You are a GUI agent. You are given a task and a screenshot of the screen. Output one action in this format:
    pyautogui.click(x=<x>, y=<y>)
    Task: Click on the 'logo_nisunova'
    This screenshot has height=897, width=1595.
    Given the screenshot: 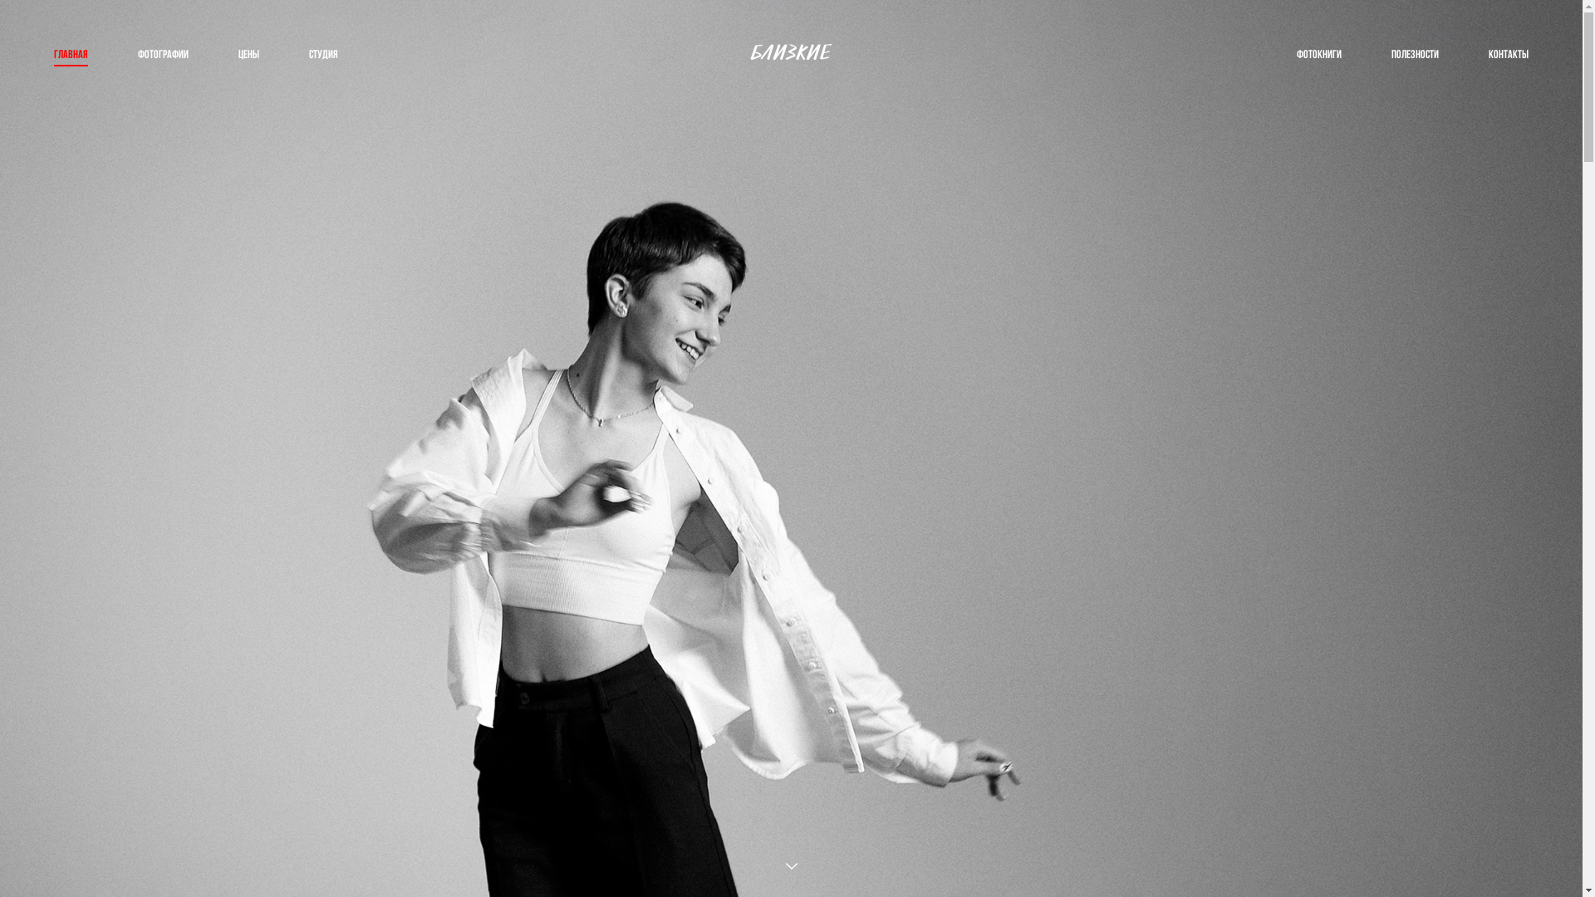 What is the action you would take?
    pyautogui.click(x=718, y=53)
    